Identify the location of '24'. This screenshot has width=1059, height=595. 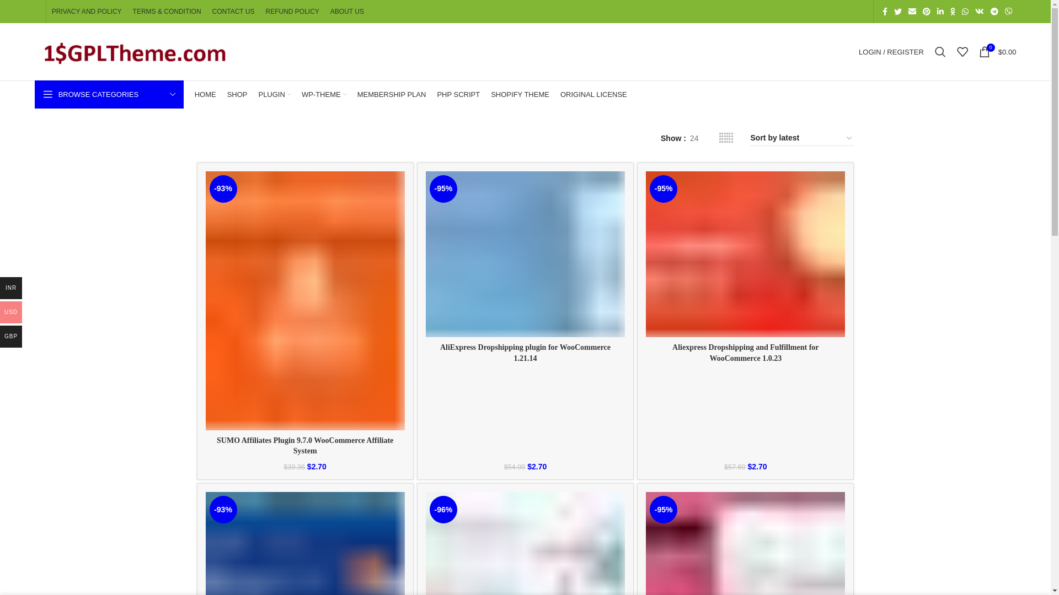
(693, 137).